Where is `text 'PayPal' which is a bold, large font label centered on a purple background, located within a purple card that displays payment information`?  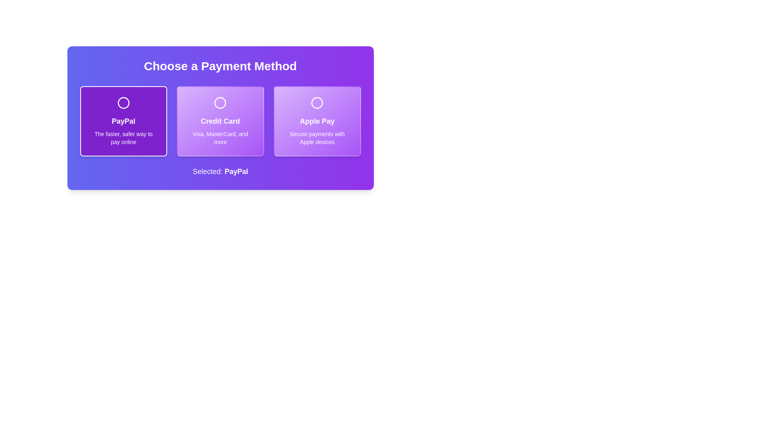
text 'PayPal' which is a bold, large font label centered on a purple background, located within a purple card that displays payment information is located at coordinates (123, 121).